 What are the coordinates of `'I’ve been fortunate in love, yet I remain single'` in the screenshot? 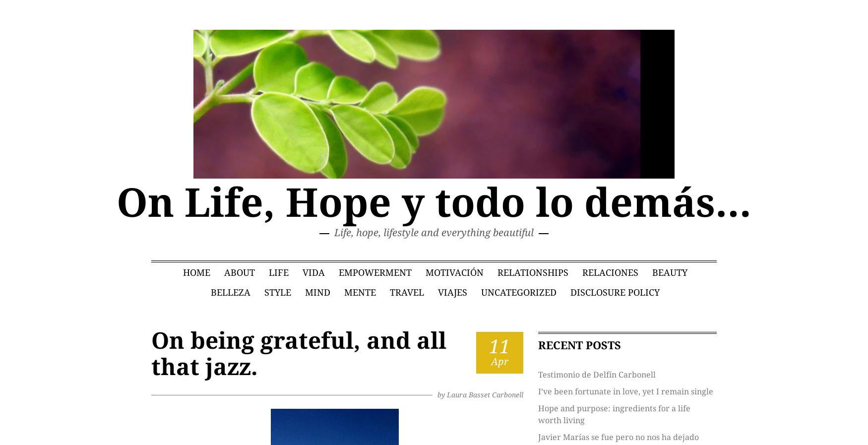 It's located at (625, 391).